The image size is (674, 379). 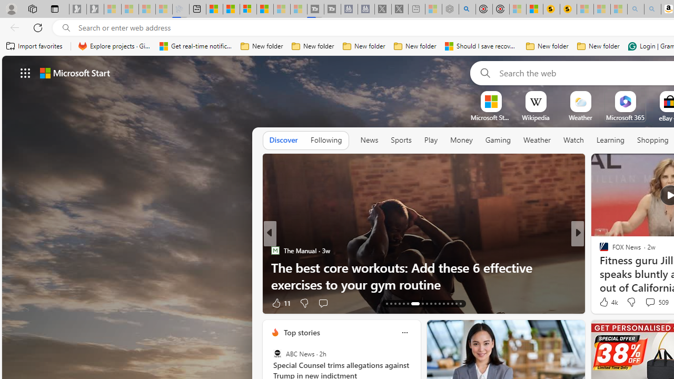 I want to click on 'News', so click(x=369, y=139).